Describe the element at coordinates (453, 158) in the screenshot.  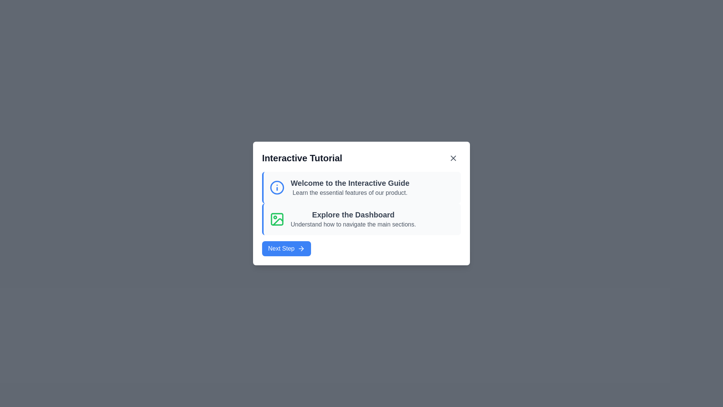
I see `the close button located in the top-right corner of the 'Interactive Tutorial' modal to change its color` at that location.